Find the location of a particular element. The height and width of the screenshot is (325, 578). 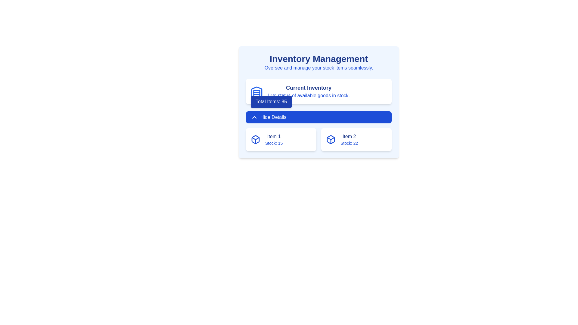

stock details for items by clicking on the 'Current Inventory' section, which features a bold title and includes a blue button labeled 'Hide Details' above the item cards is located at coordinates (319, 115).